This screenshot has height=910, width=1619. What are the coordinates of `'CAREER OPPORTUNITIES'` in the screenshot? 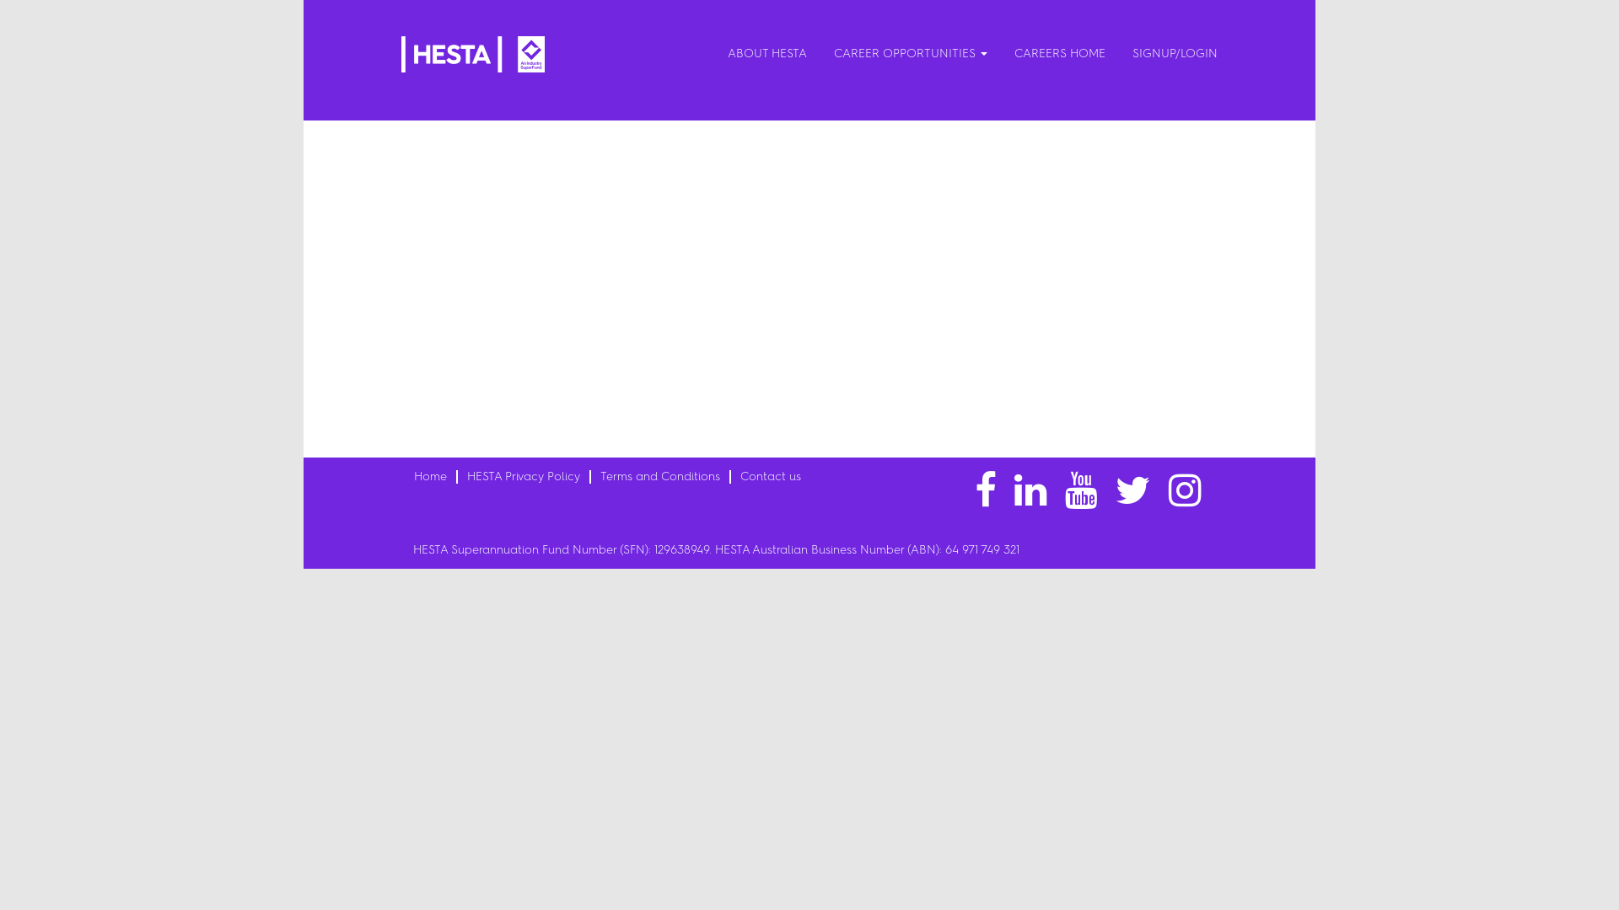 It's located at (910, 51).